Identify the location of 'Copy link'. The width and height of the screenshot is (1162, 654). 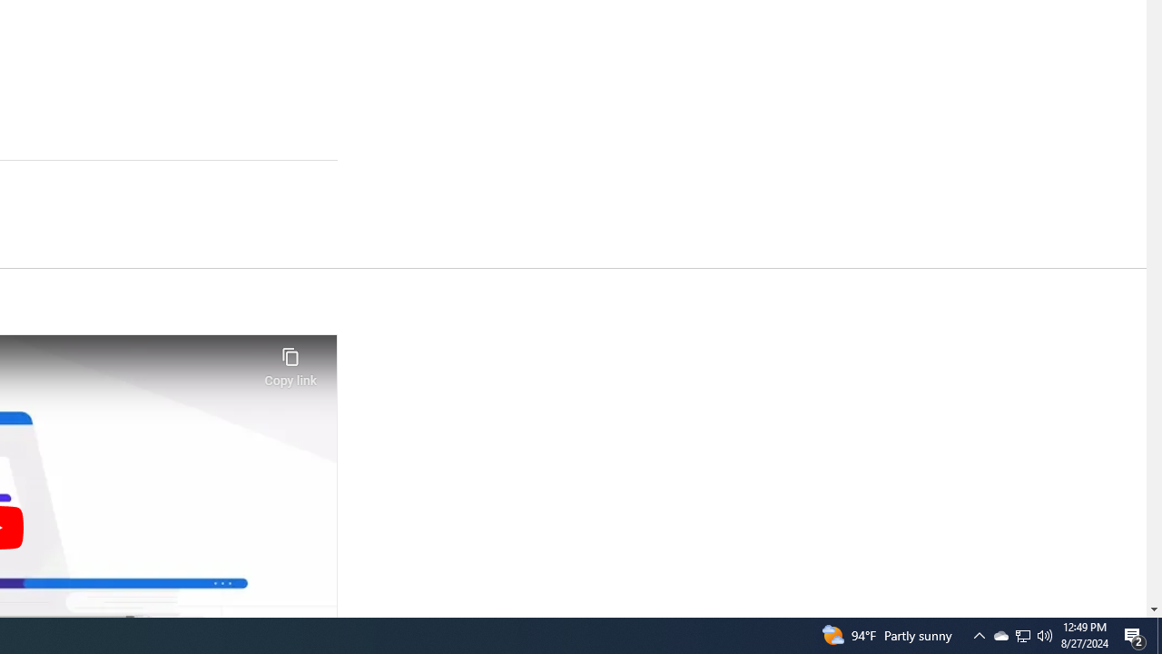
(290, 362).